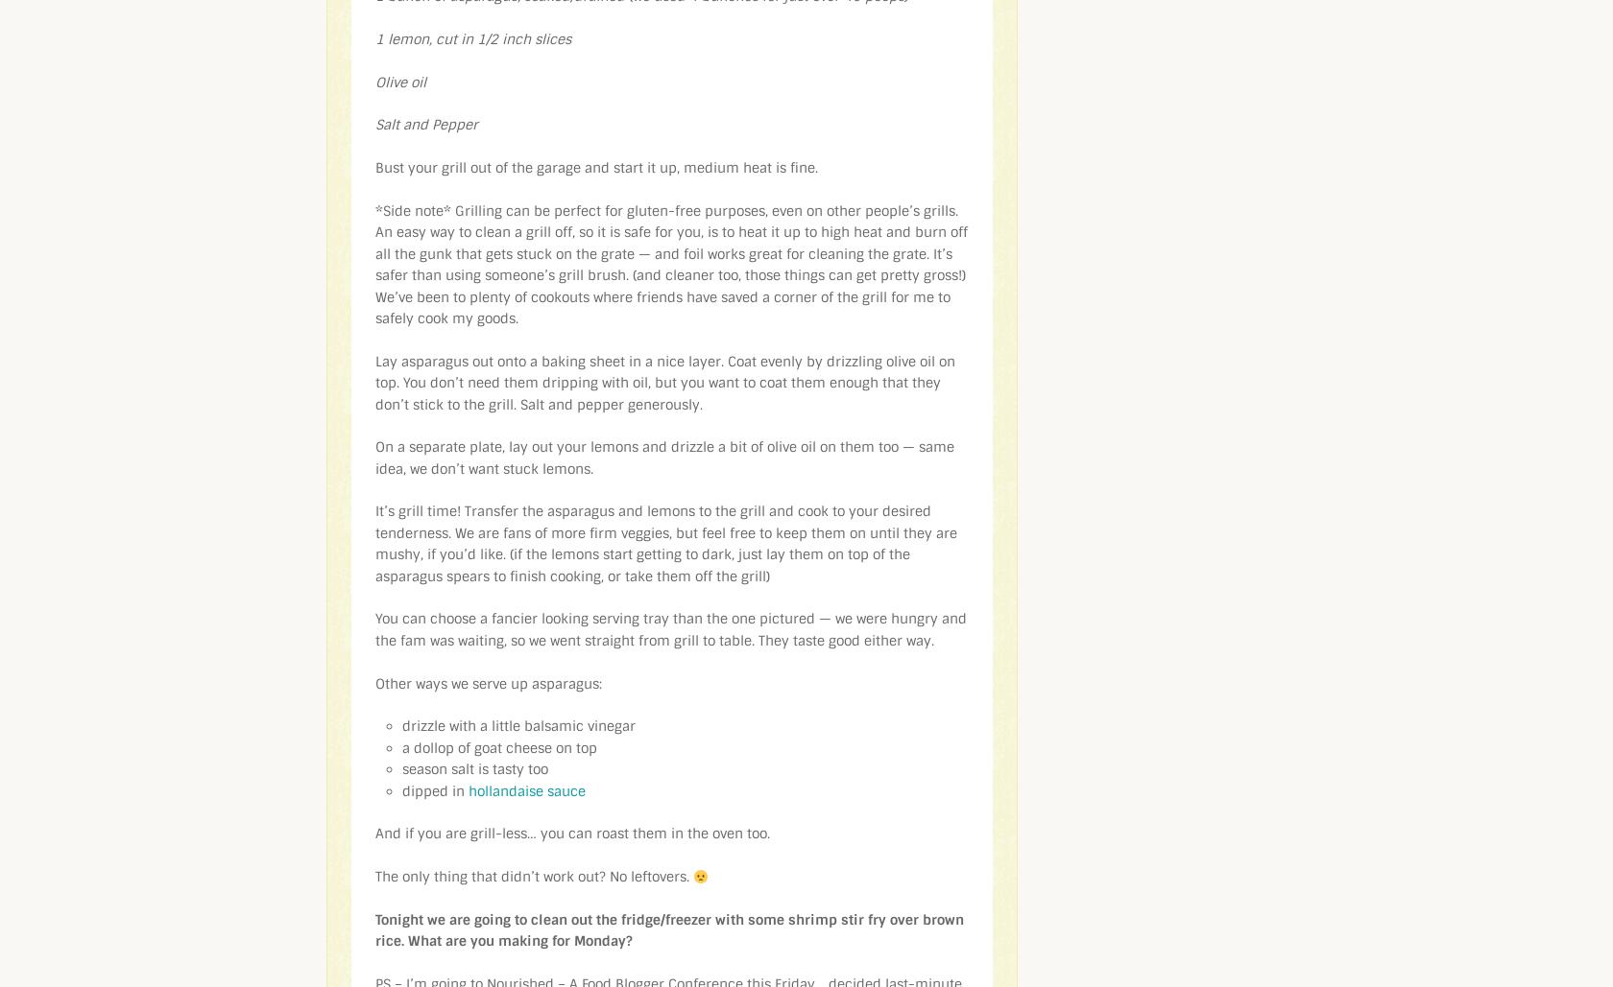 The width and height of the screenshot is (1613, 987). Describe the element at coordinates (596, 168) in the screenshot. I see `'Bust your grill out of the garage and start it up, medium heat is fine.'` at that location.